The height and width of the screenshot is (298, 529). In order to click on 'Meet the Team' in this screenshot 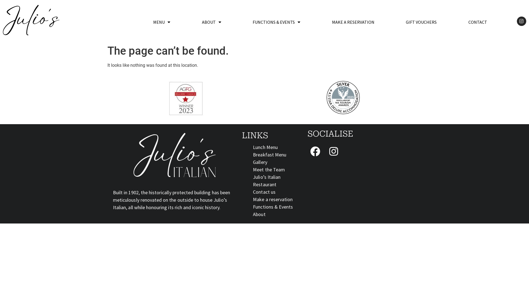, I will do `click(252, 169)`.